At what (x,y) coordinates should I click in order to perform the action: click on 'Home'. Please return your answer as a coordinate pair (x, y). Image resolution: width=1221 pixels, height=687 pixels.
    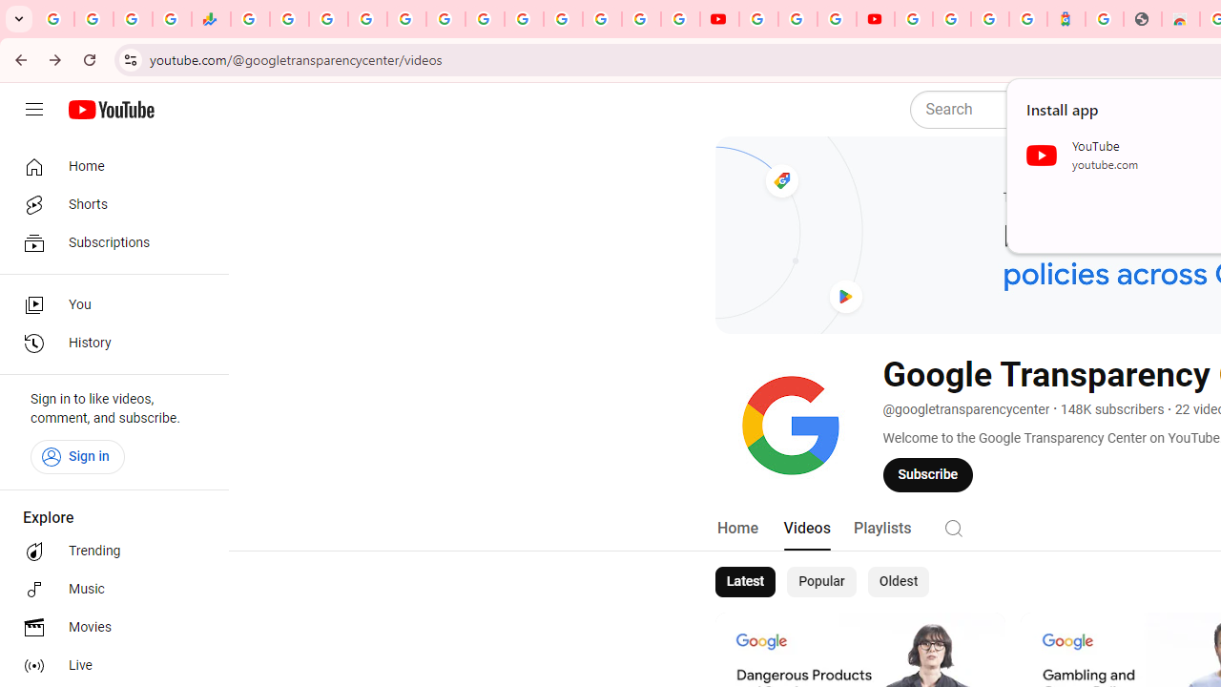
    Looking at the image, I should click on (736, 528).